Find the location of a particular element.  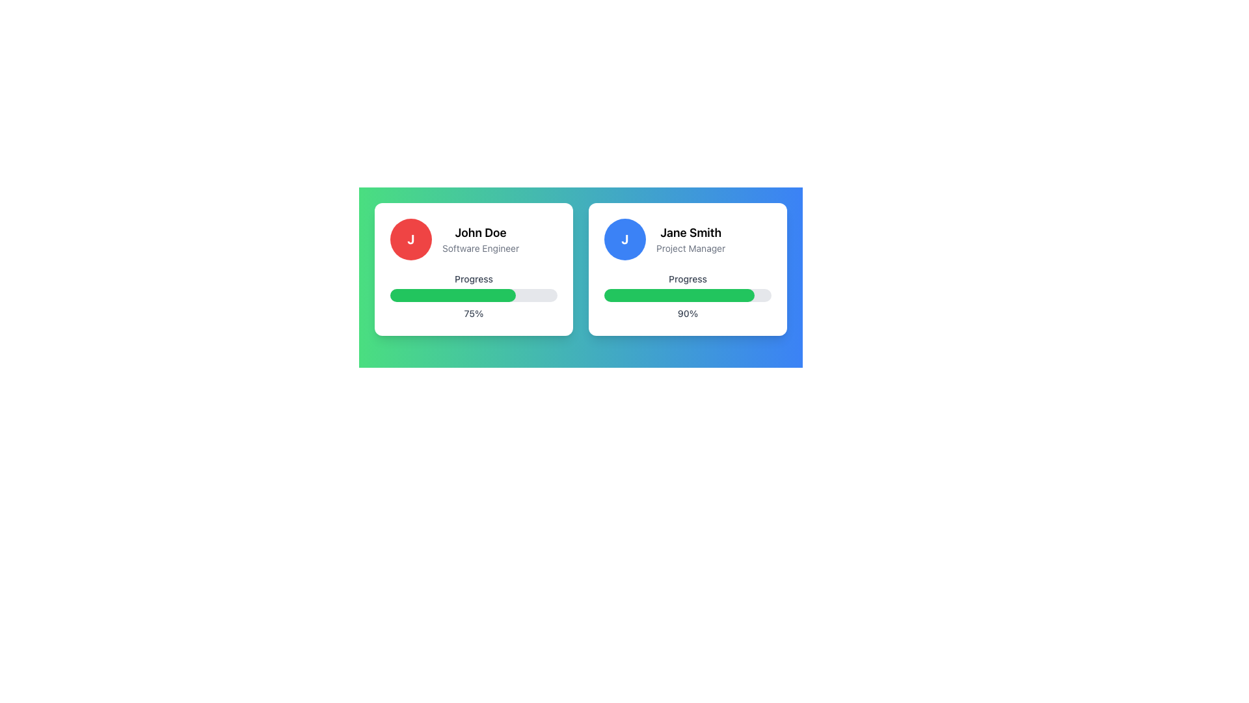

text content of the gray 'Software Engineer' label located beneath 'John Doe' in the left-side card of a two-card layout is located at coordinates (480, 248).